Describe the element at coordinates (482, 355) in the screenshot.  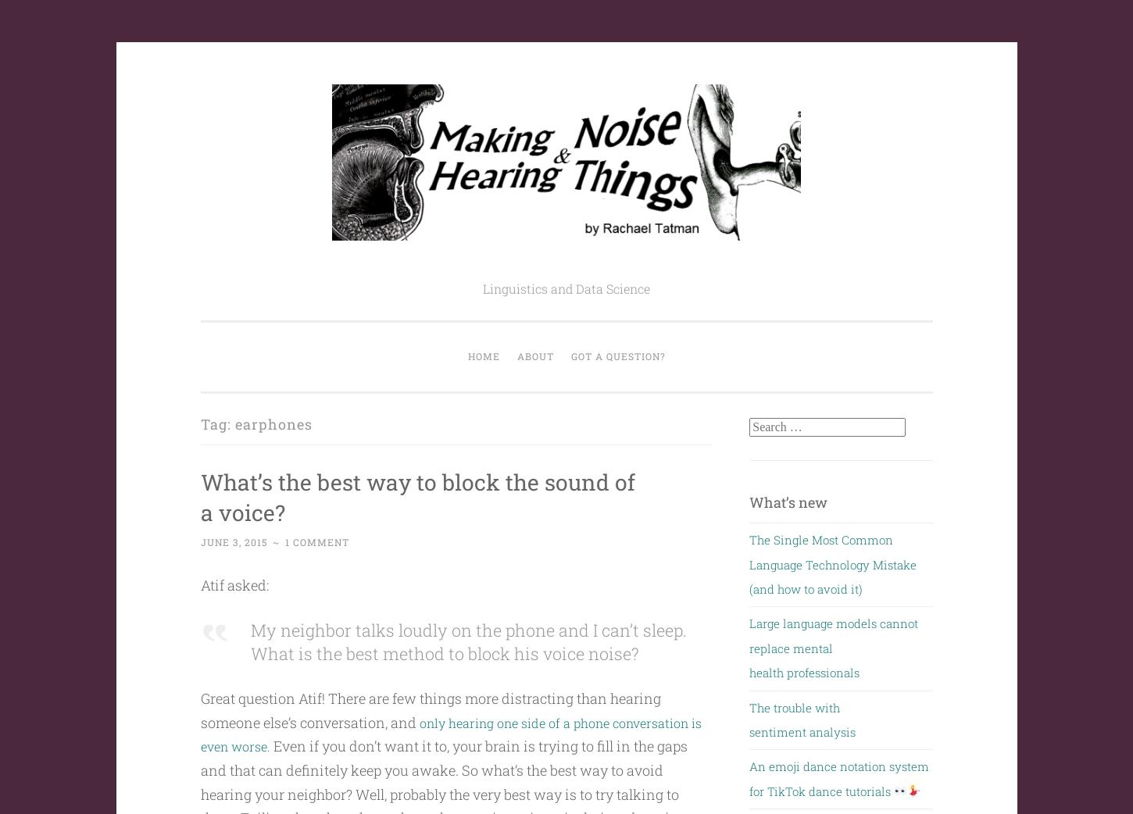
I see `'Home'` at that location.